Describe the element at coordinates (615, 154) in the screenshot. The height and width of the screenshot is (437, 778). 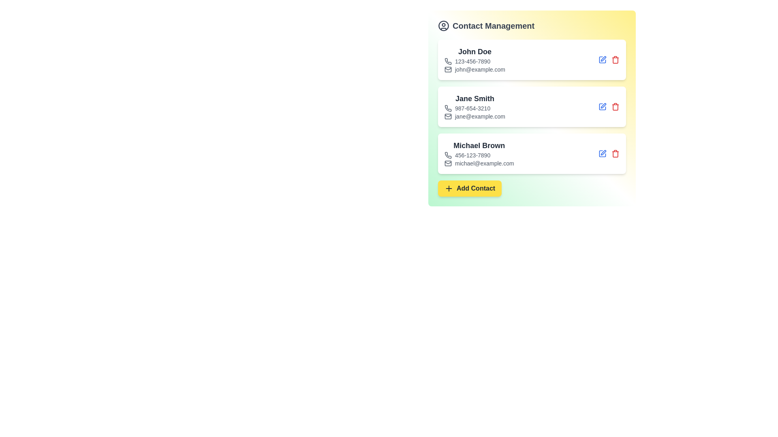
I see `delete button for the contact with name Michael Brown` at that location.